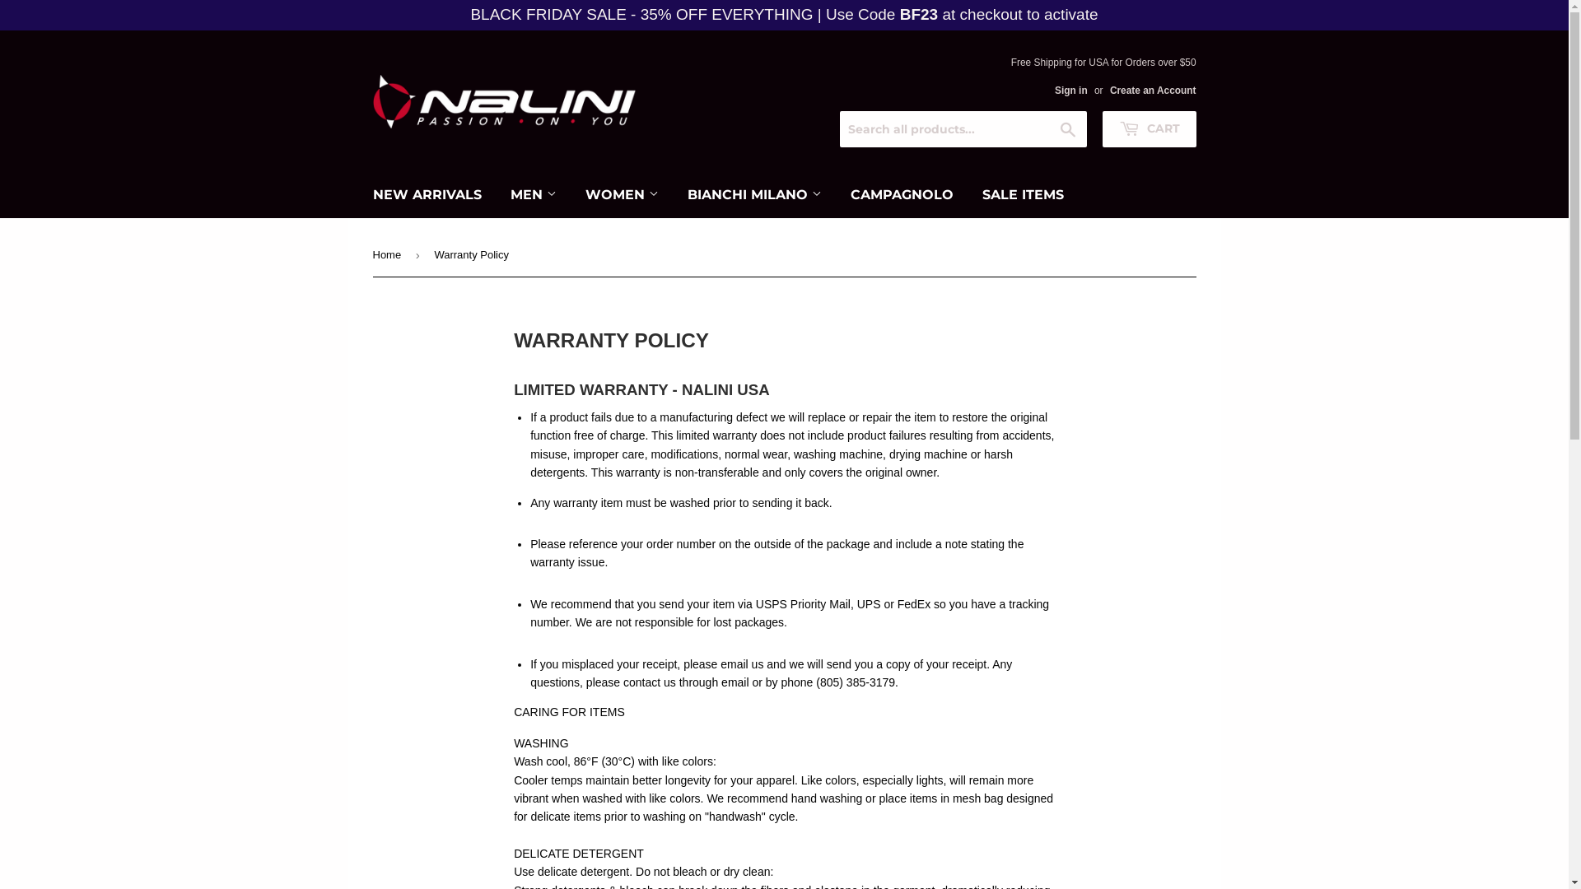 The width and height of the screenshot is (1581, 889). What do you see at coordinates (389, 255) in the screenshot?
I see `'Home'` at bounding box center [389, 255].